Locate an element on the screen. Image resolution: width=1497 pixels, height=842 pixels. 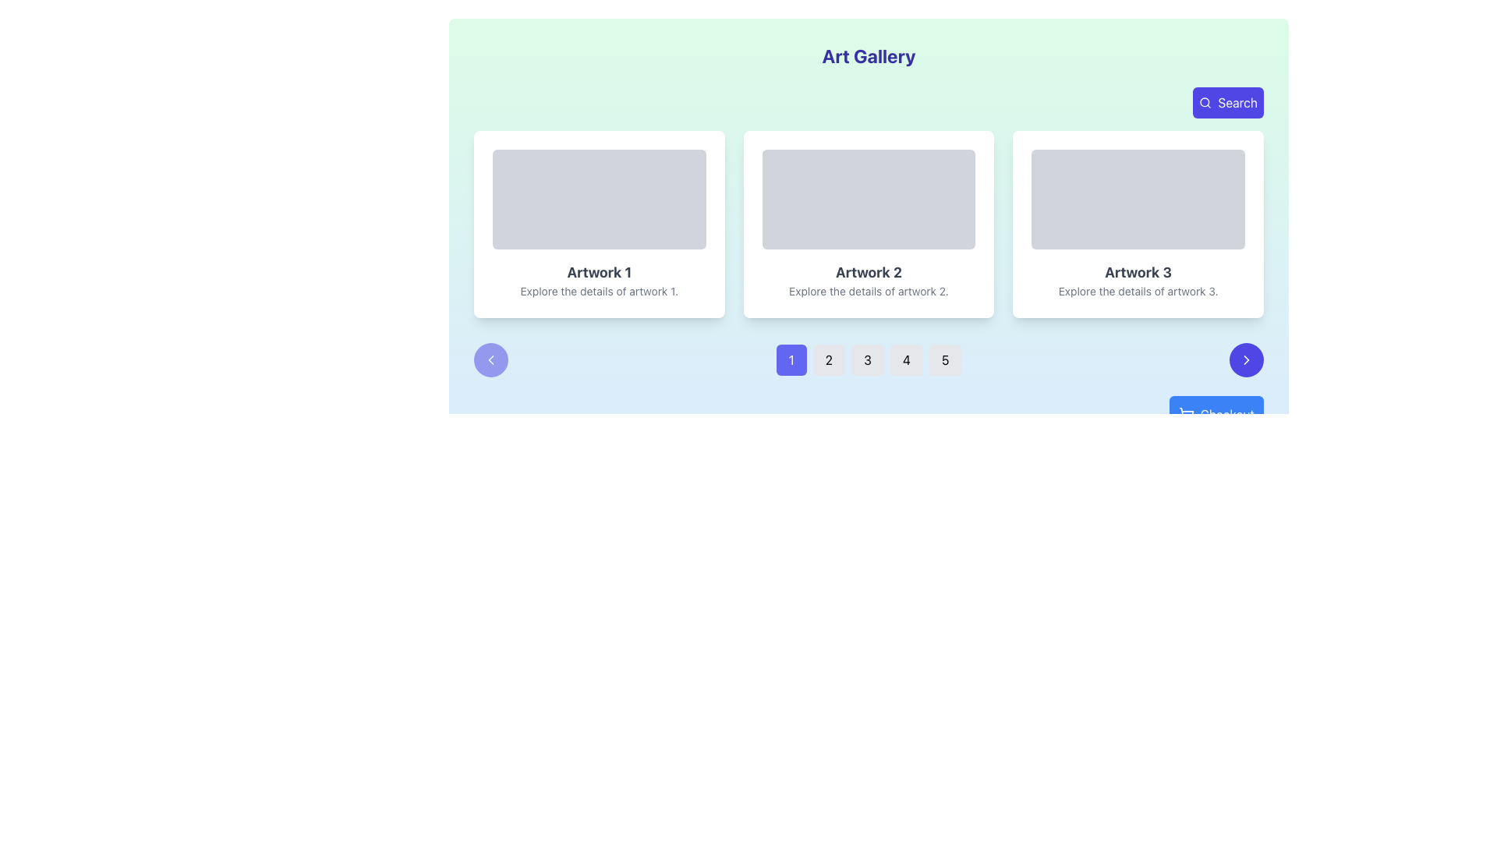
title text displayed below the gray placeholder image in the artwork card, which serves as an identifier for users is located at coordinates (598, 272).